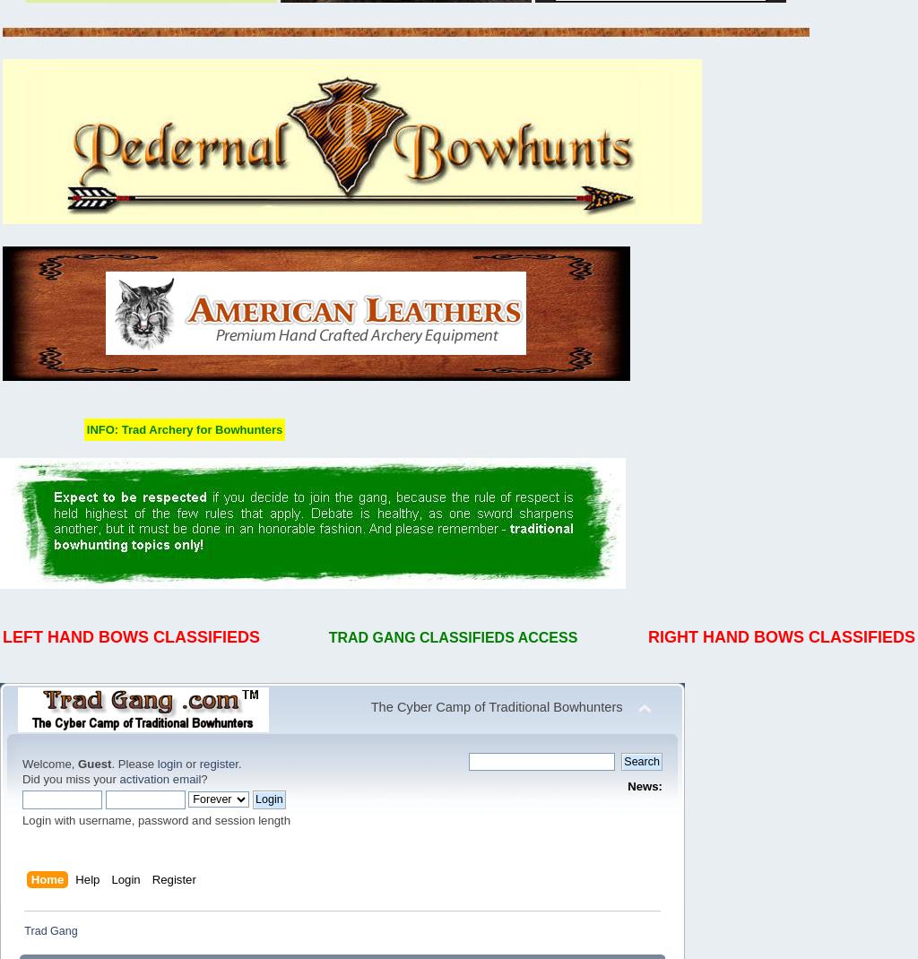  What do you see at coordinates (133, 764) in the screenshot?
I see `'. Please'` at bounding box center [133, 764].